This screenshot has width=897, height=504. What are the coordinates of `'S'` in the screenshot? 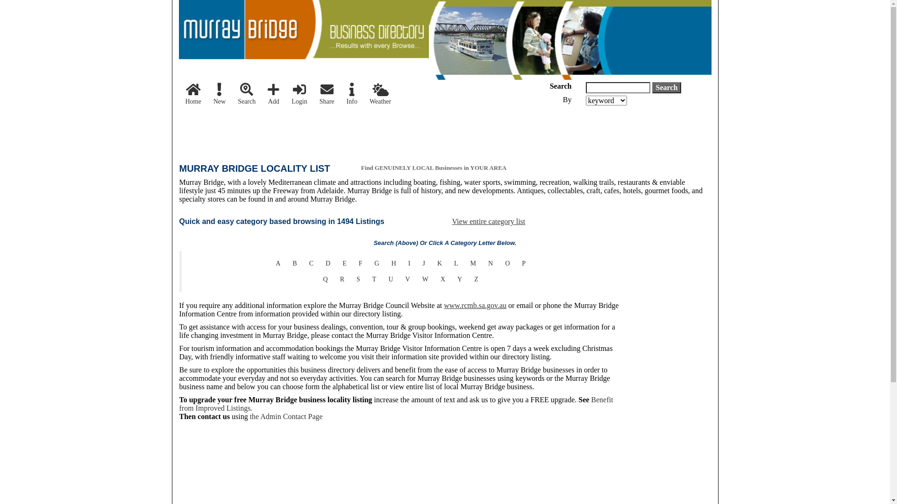 It's located at (358, 279).